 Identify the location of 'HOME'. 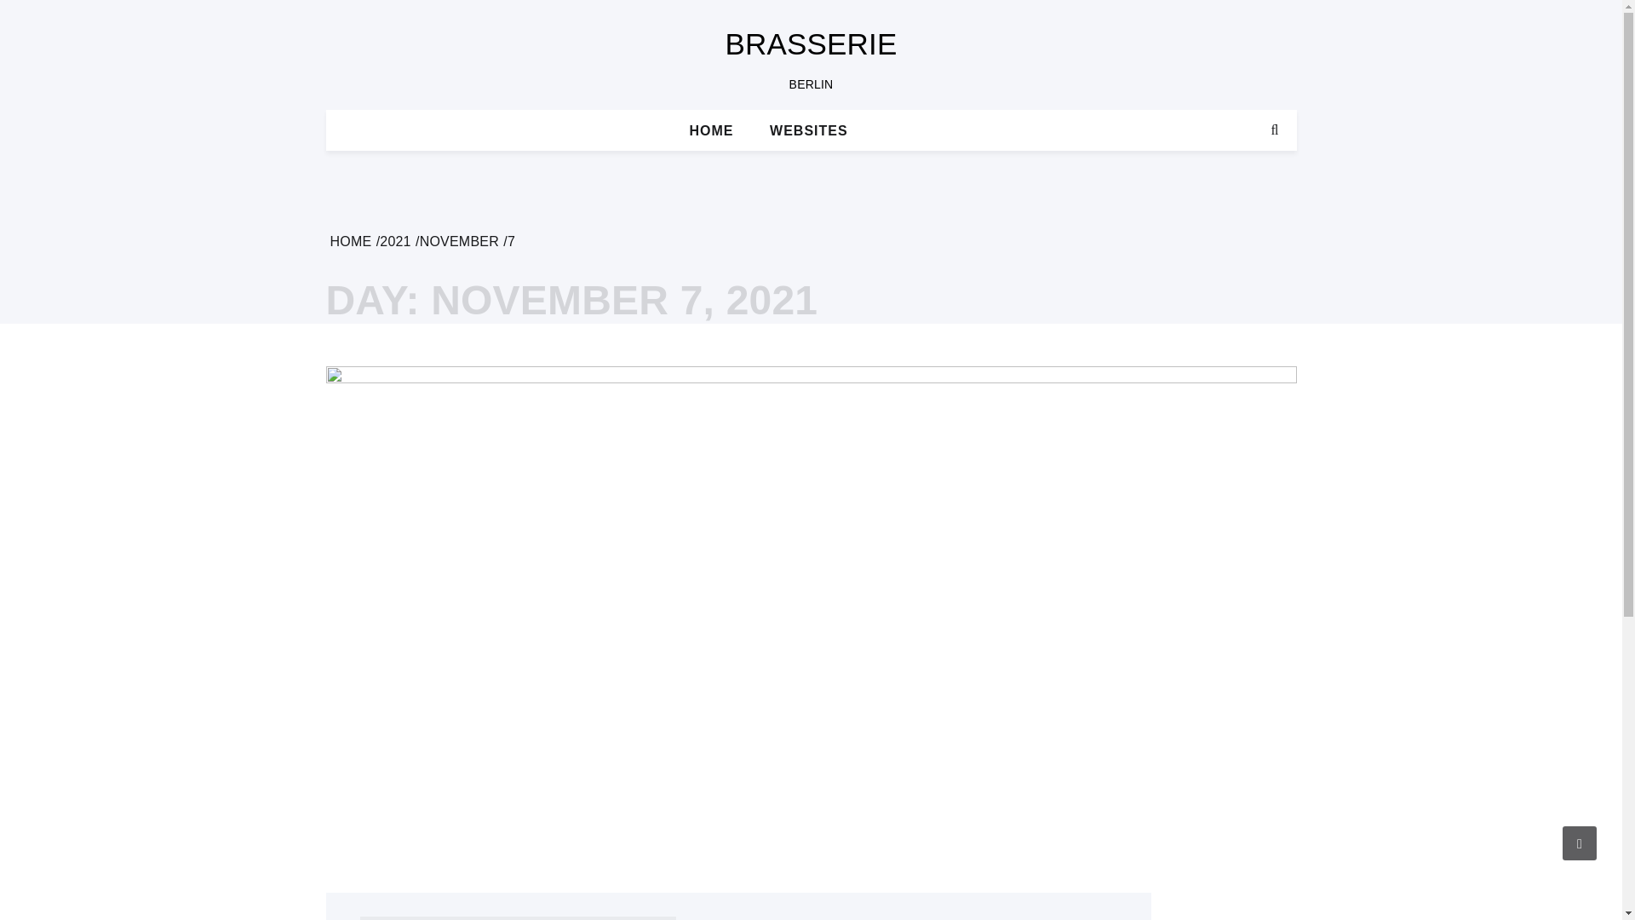
(350, 241).